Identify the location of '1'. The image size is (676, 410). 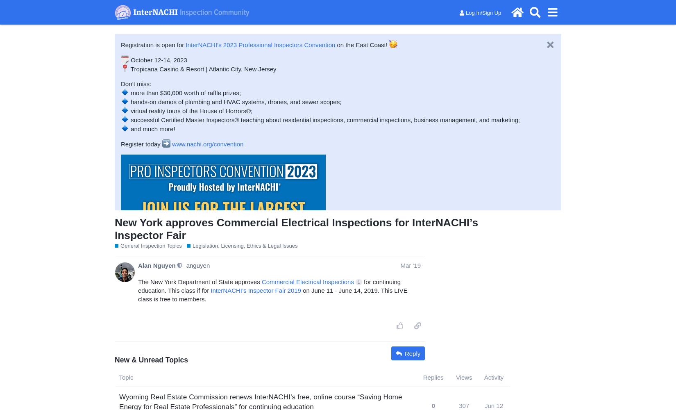
(358, 282).